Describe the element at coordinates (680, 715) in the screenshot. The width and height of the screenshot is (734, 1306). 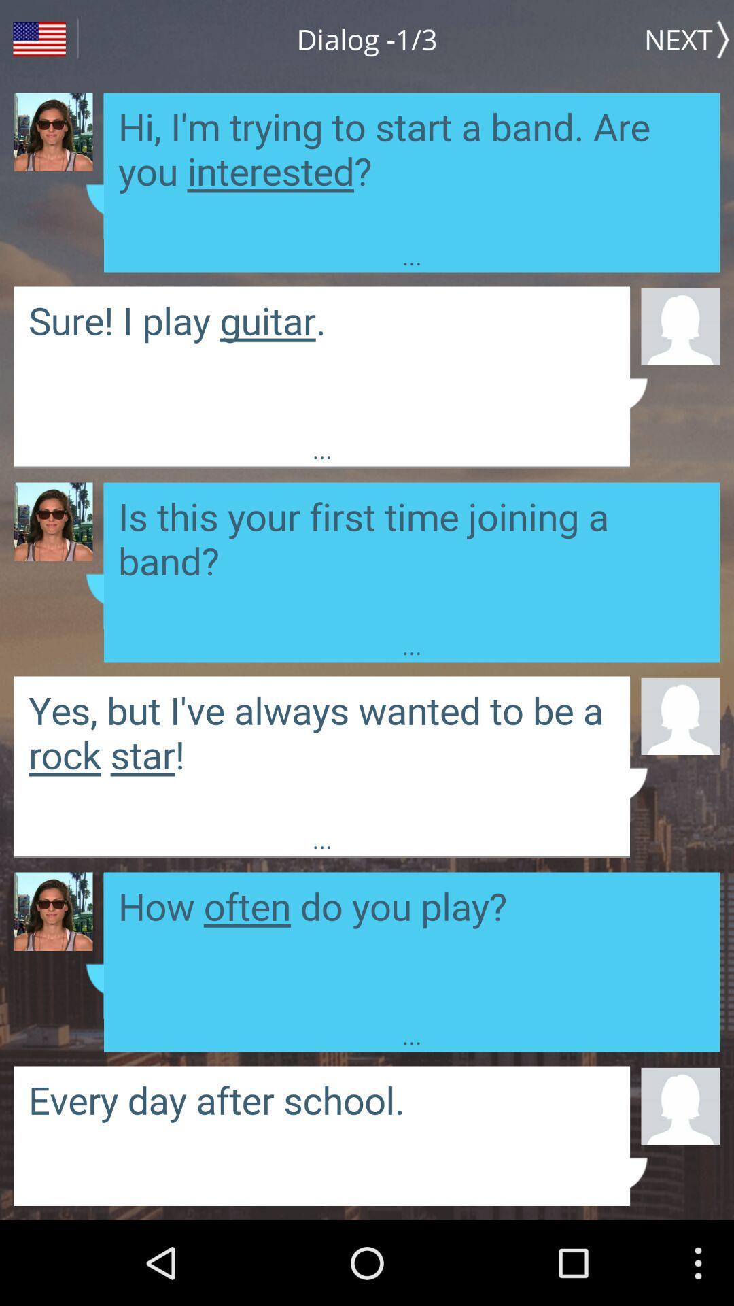
I see `the item on the right` at that location.